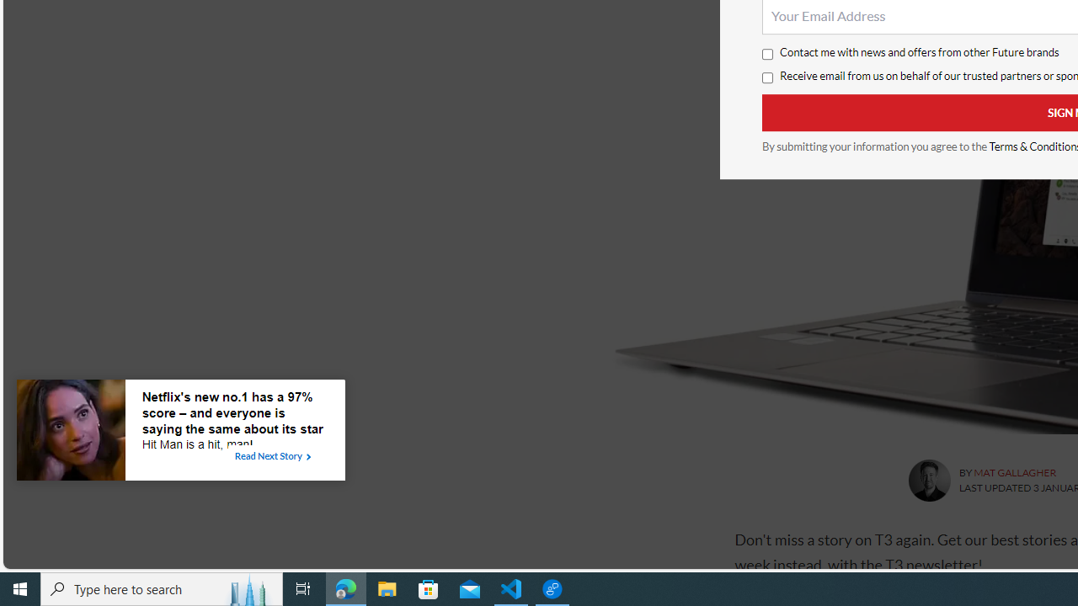 This screenshot has width=1078, height=606. I want to click on 'Class: tbl-arrow-icon arrow-1', so click(308, 457).